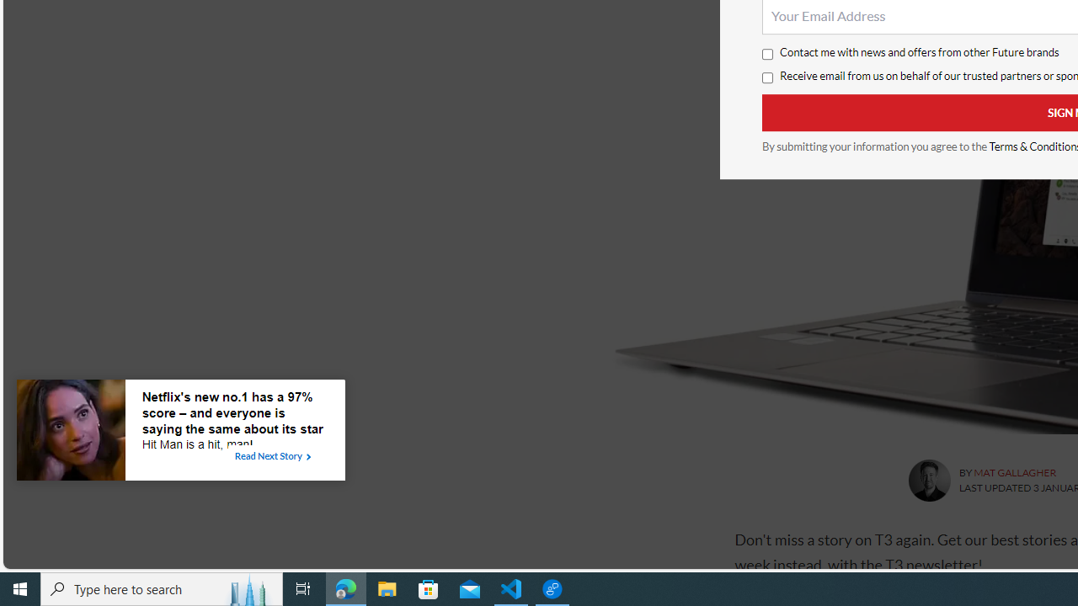 This screenshot has width=1078, height=606. I want to click on 'Class: tbl-arrow-icon arrow-1', so click(308, 457).